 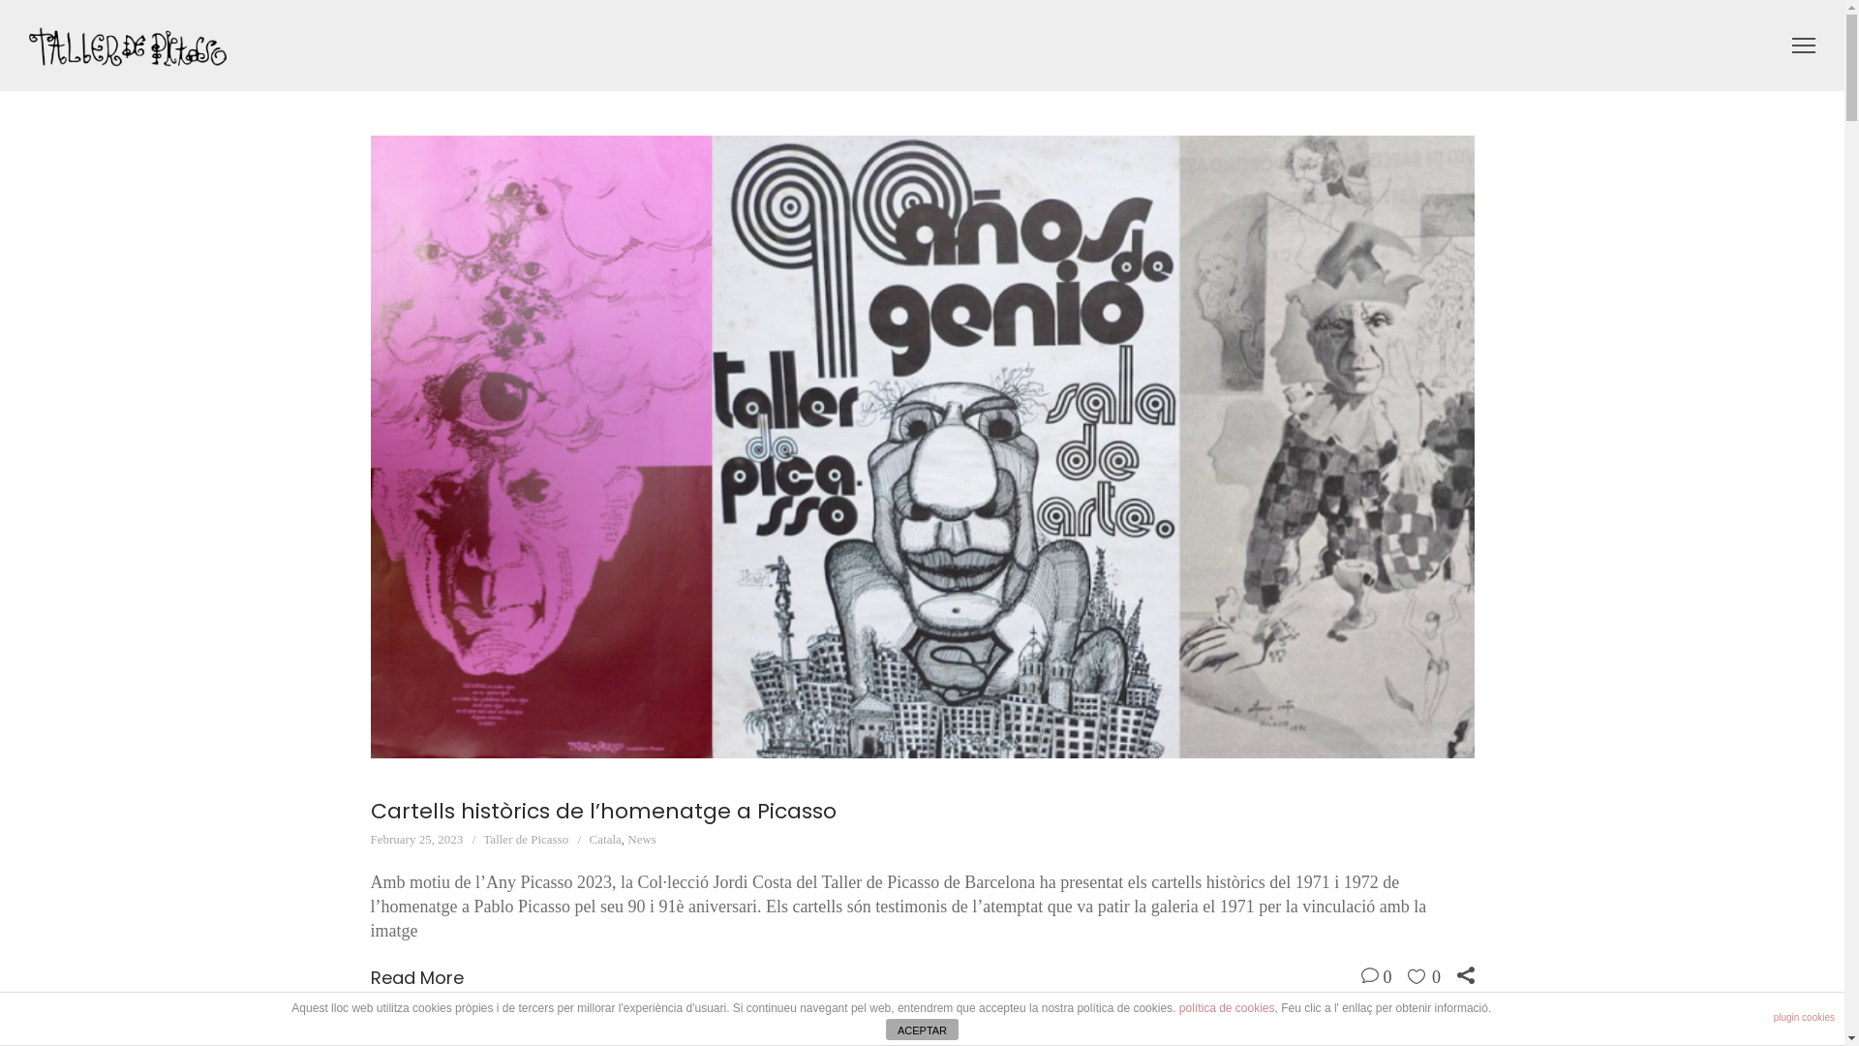 I want to click on '0', so click(x=1386, y=977).